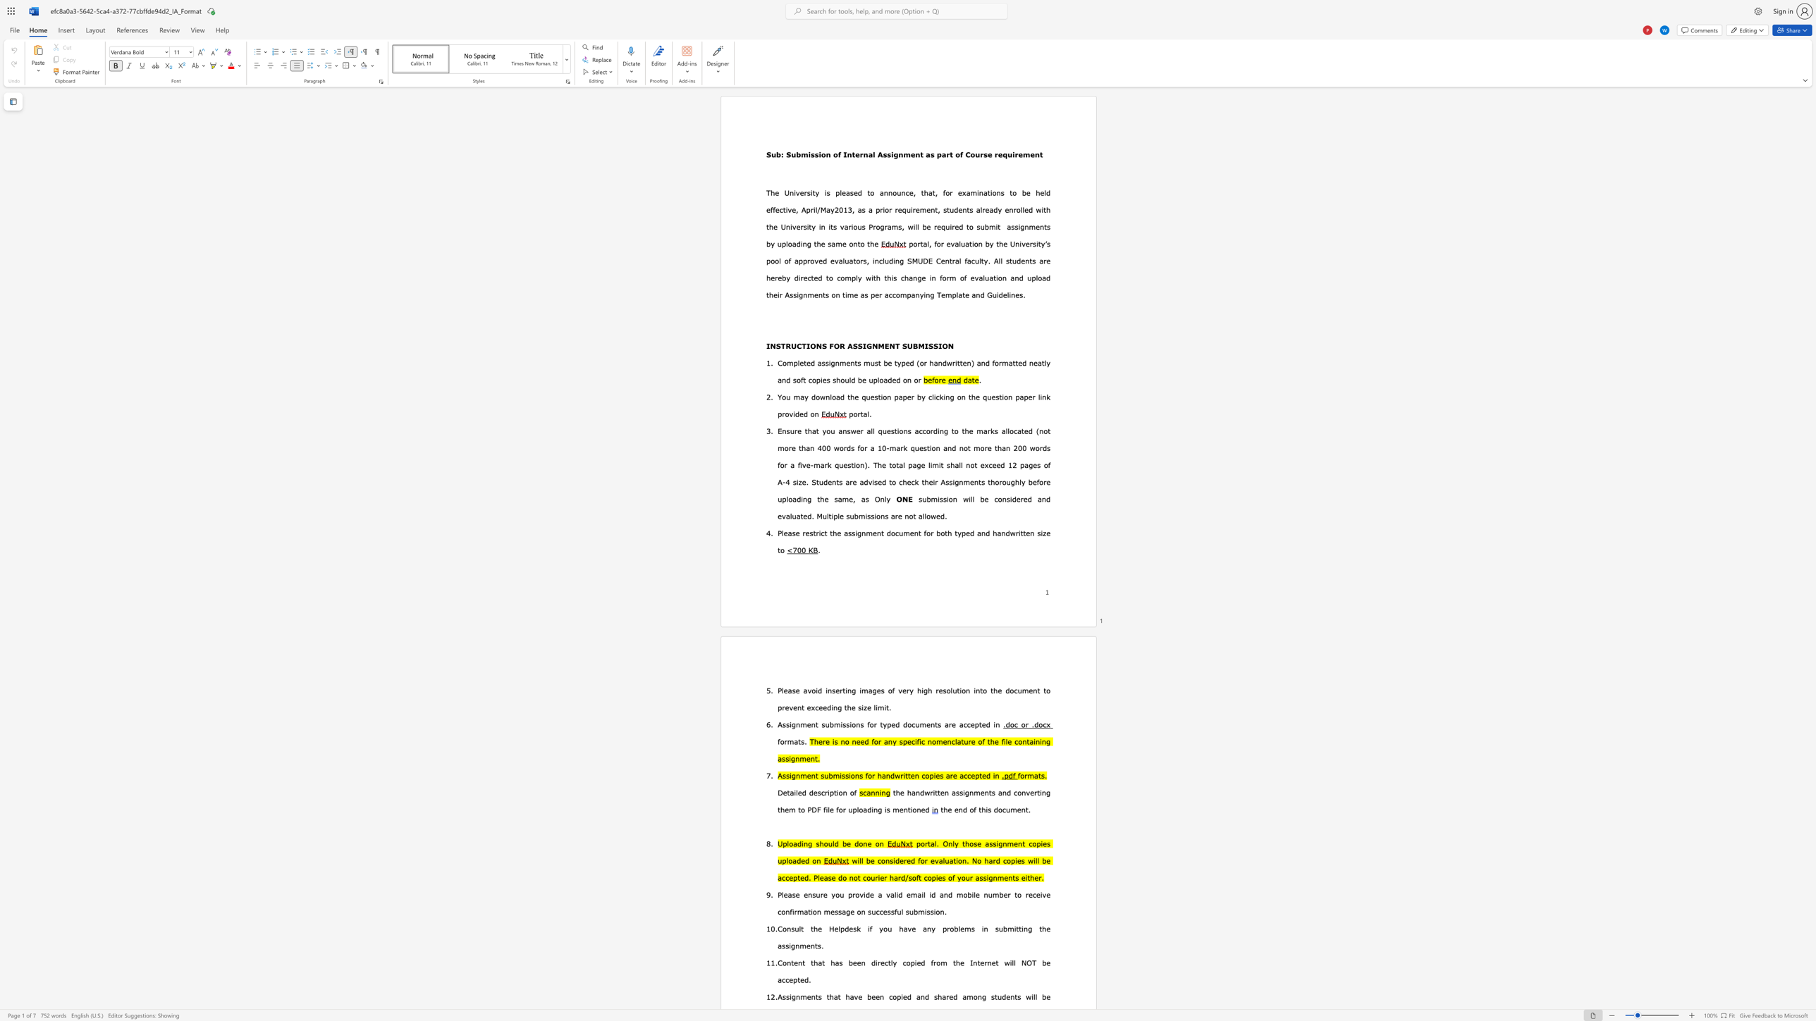  I want to click on the subset text "t exceedi" within the text "vent exceeding", so click(801, 707).